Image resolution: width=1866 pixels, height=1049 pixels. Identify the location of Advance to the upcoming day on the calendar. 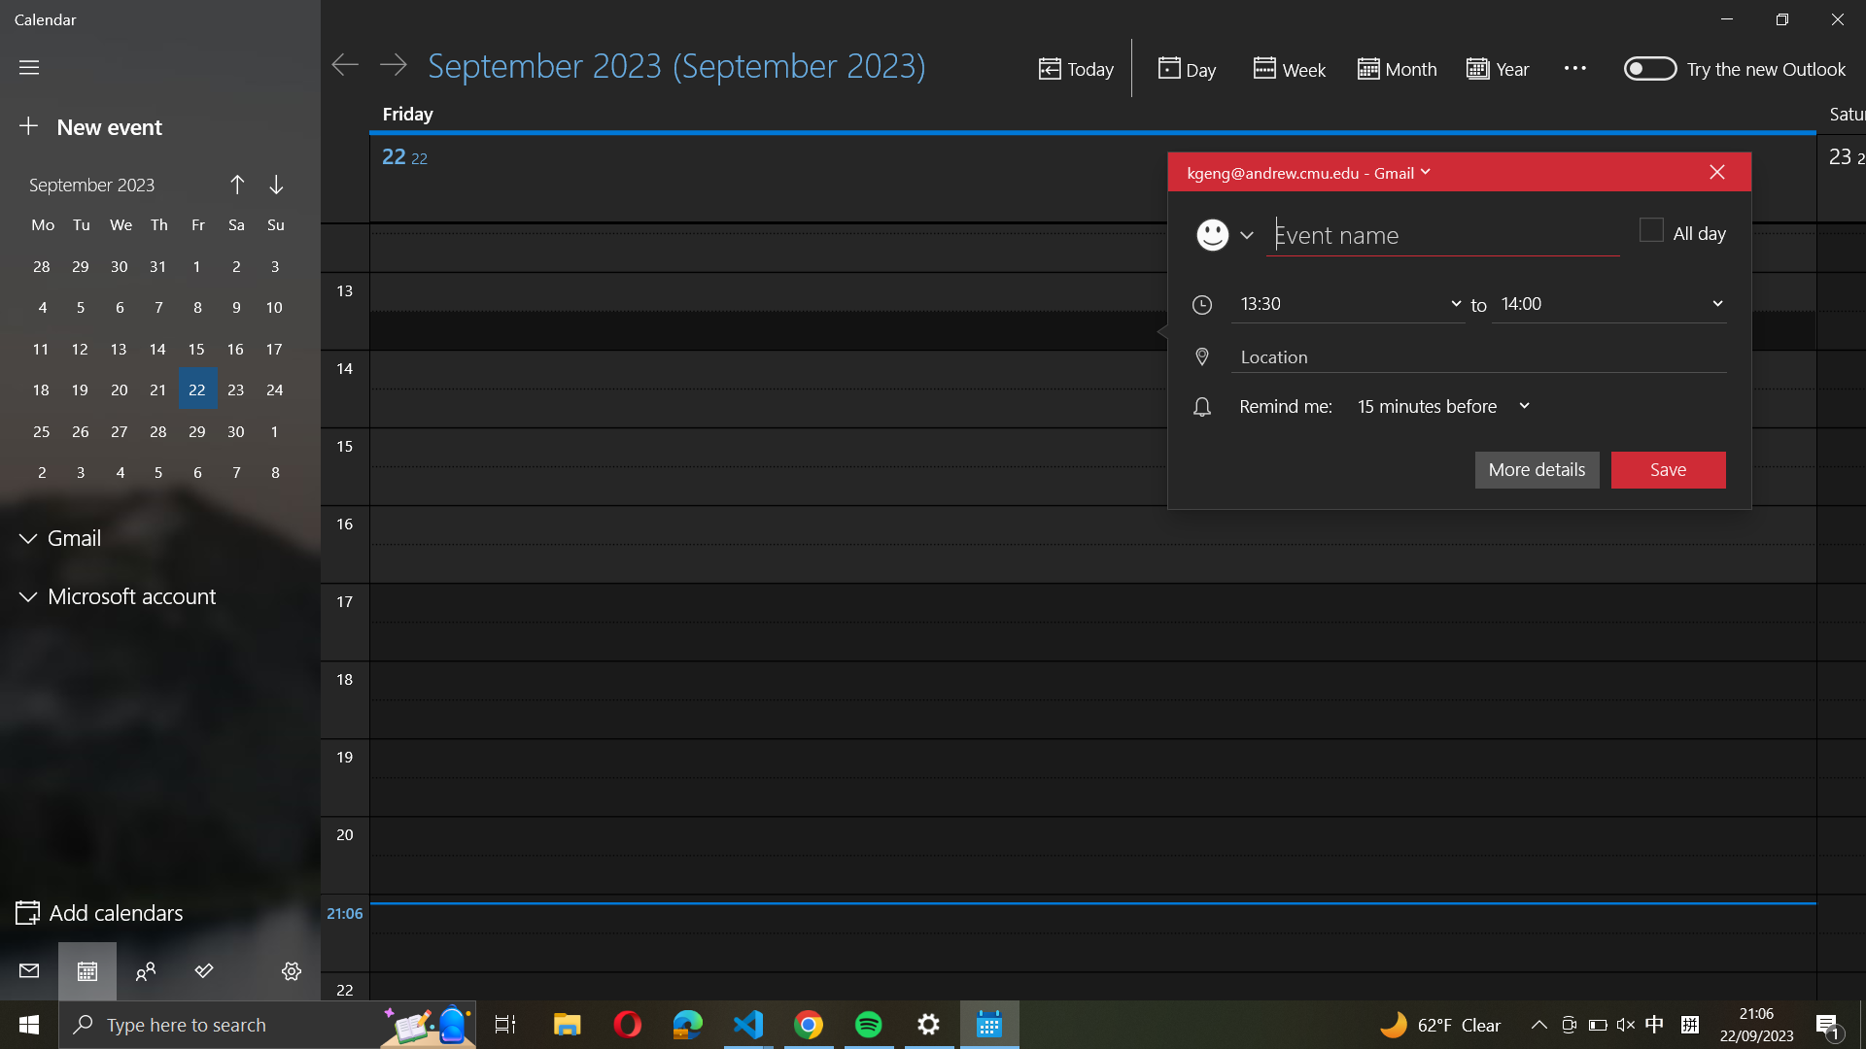
(392, 63).